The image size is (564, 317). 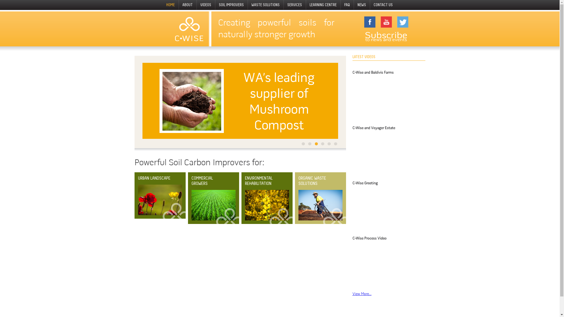 I want to click on 'SOIL IMPROVERS', so click(x=231, y=5).